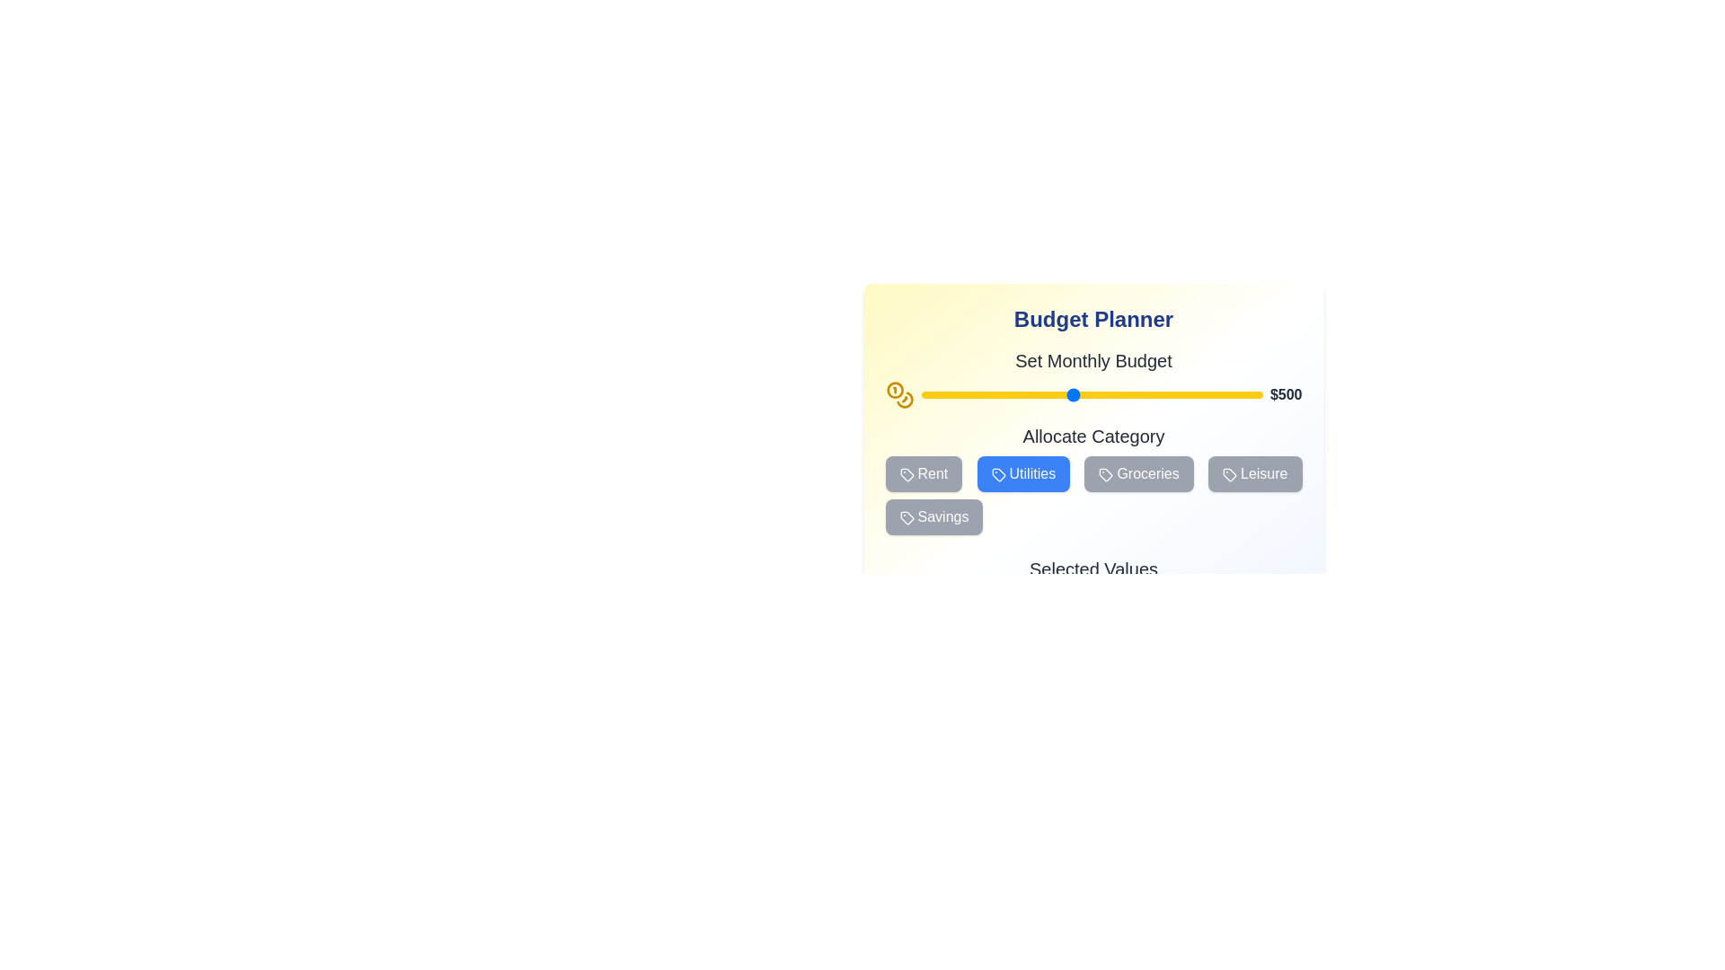  I want to click on the budget slider, so click(1168, 393).